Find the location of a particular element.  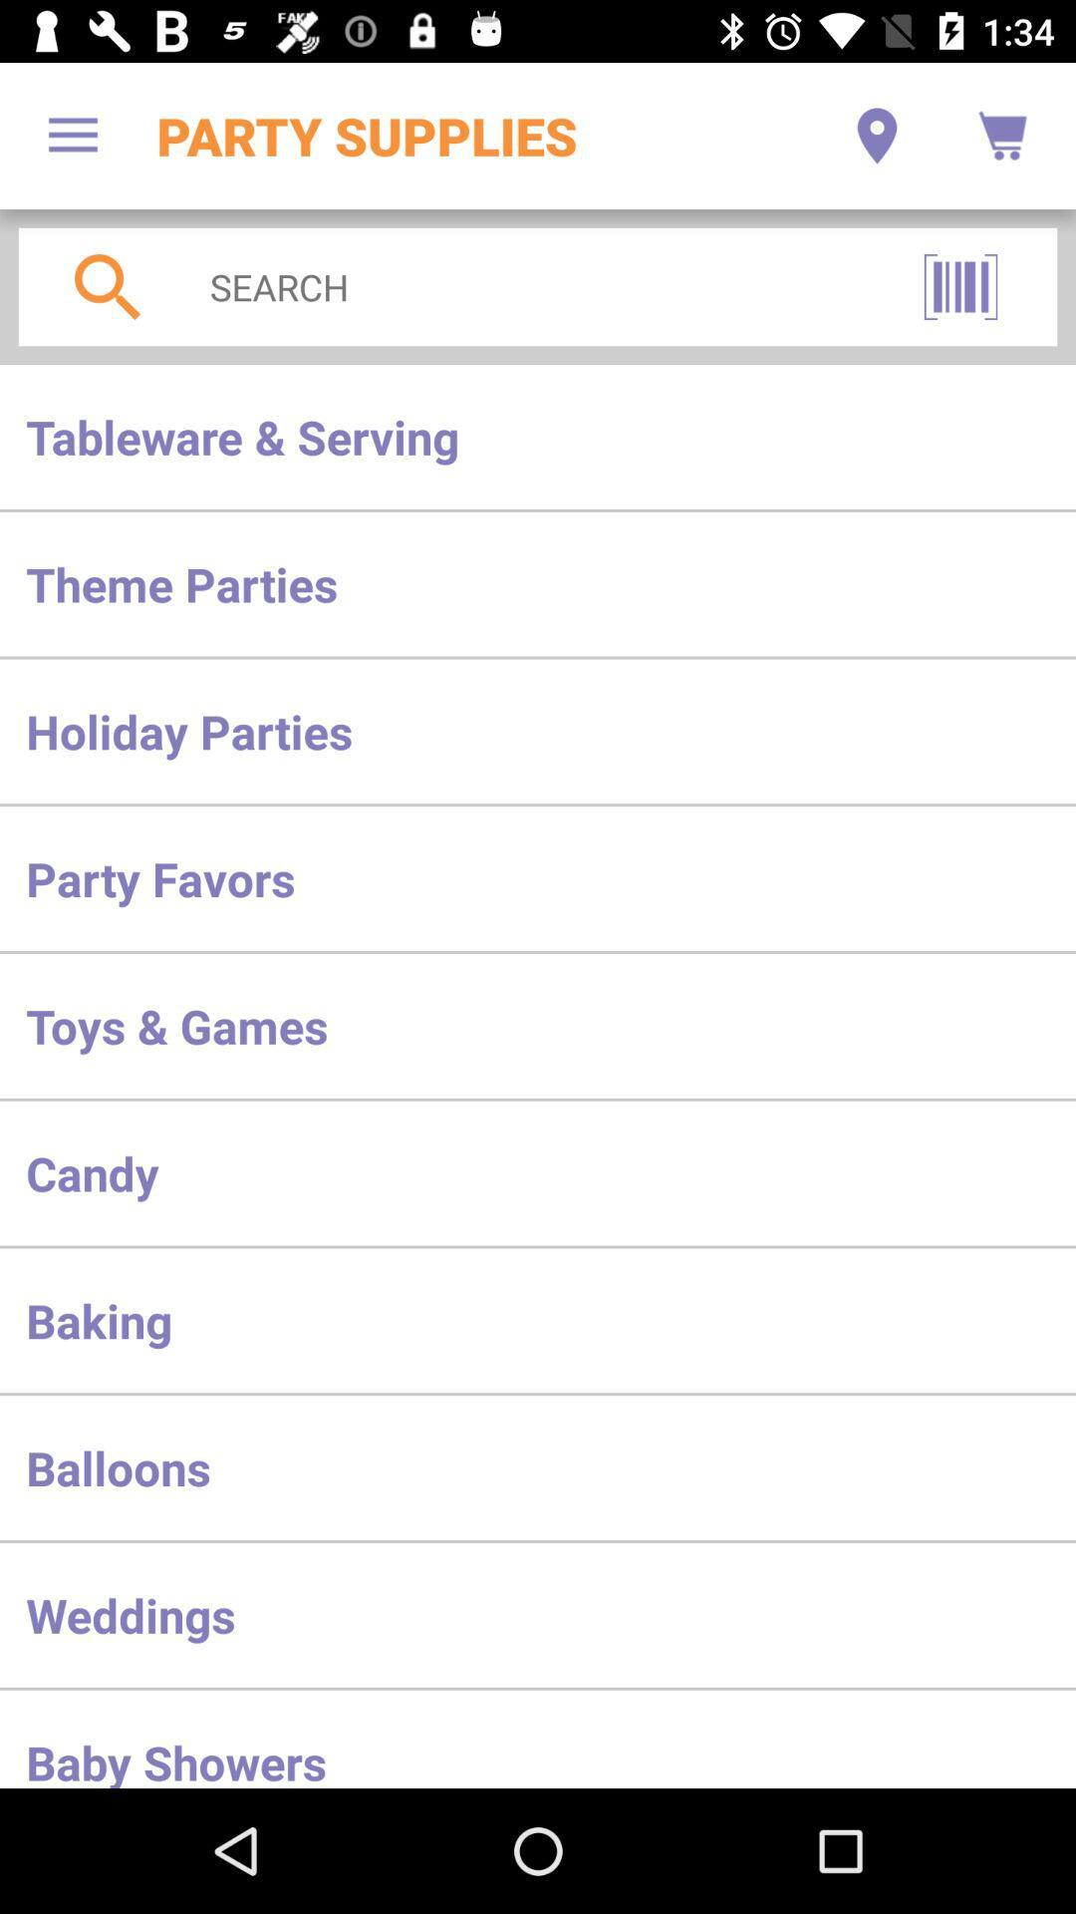

item below the party favors item is located at coordinates (538, 1026).